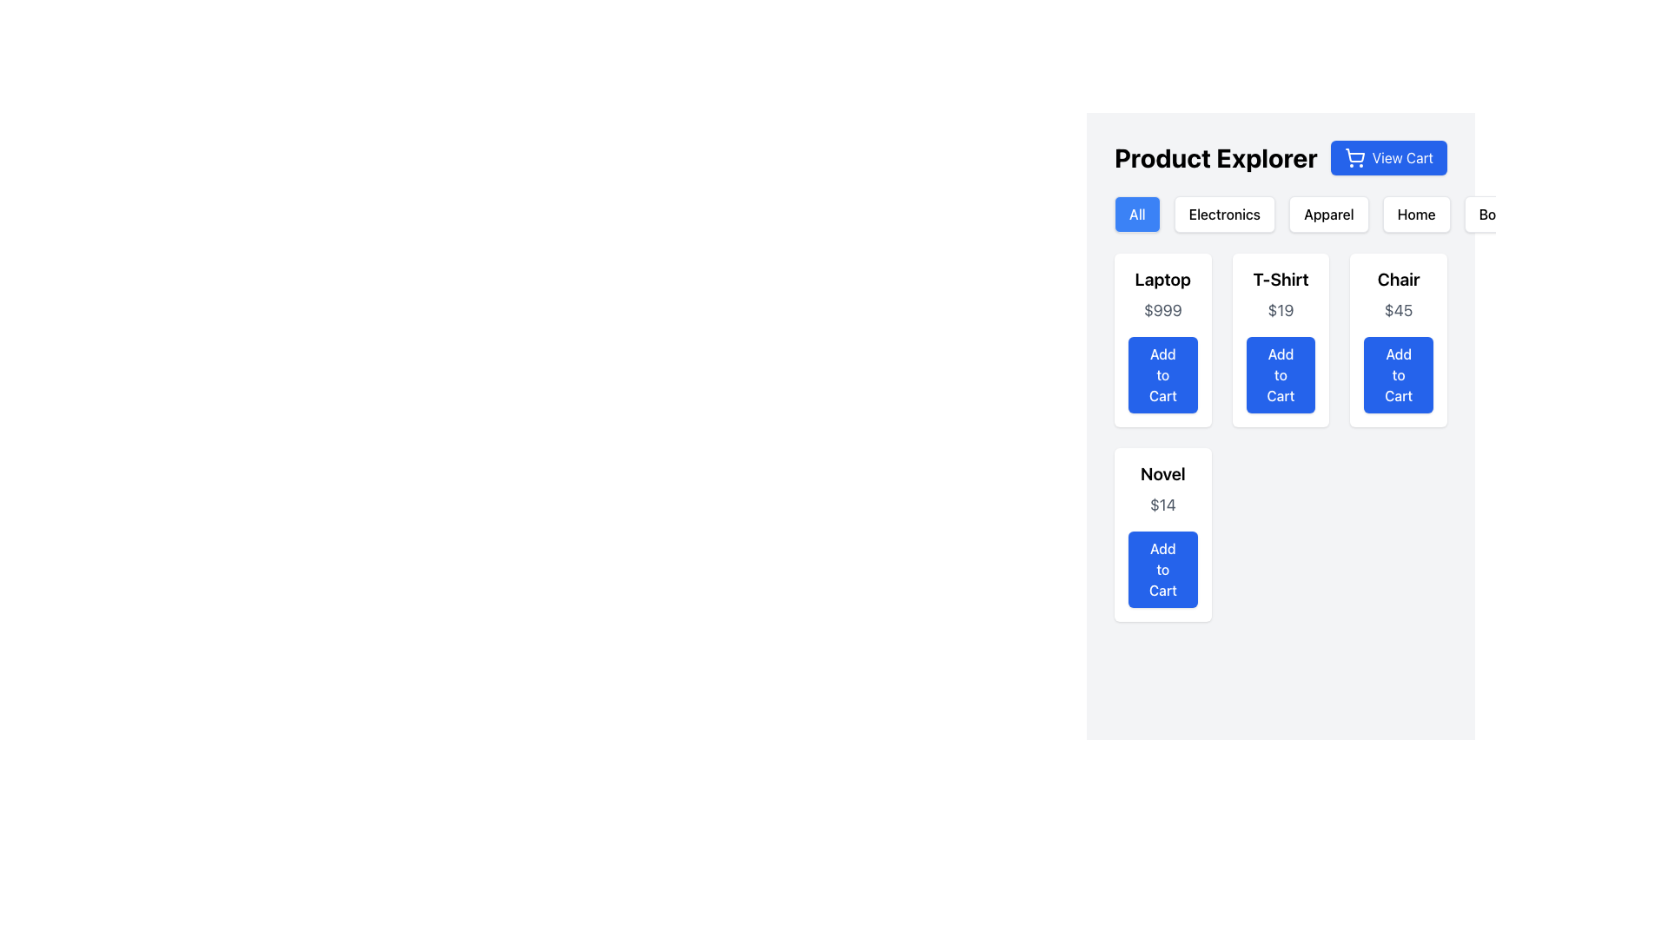 The image size is (1668, 938). What do you see at coordinates (1281, 340) in the screenshot?
I see `the 'Add to Cart' button on the product card located in the center column of the grid, specifically the second card in the first row` at bounding box center [1281, 340].